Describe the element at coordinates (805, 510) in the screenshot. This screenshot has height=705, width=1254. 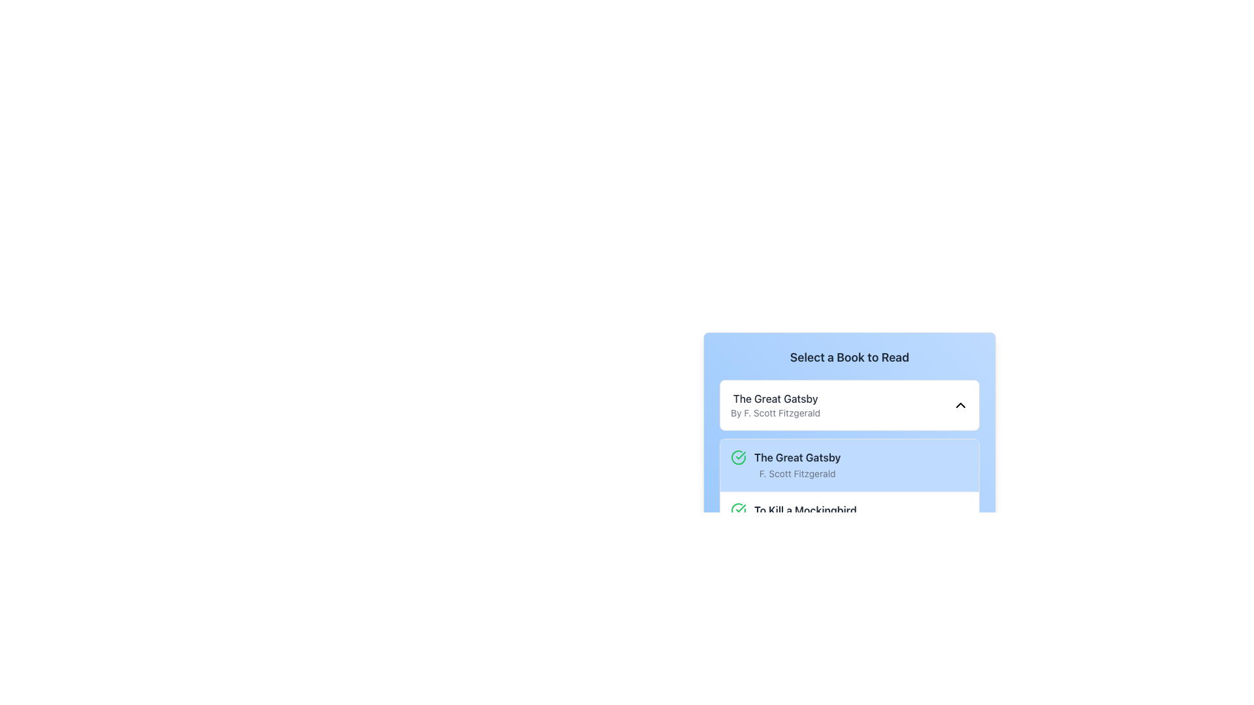
I see `the label displaying 'To Kill a Mockingbird'` at that location.